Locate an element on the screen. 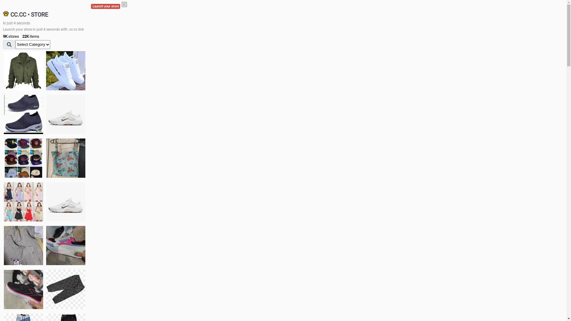  'Ukay cloth' is located at coordinates (46, 158).